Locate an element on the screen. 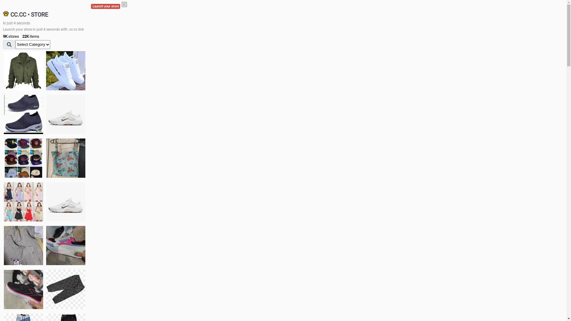  'Ukay cloth' is located at coordinates (46, 158).